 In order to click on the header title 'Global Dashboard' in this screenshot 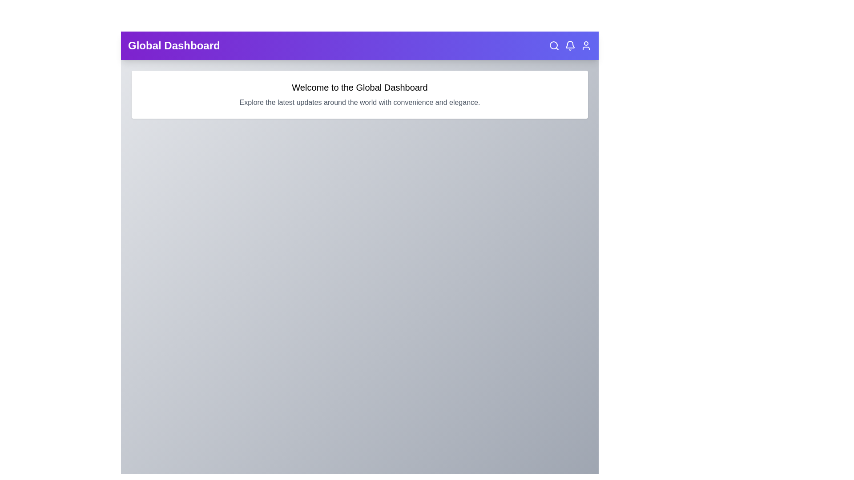, I will do `click(173, 46)`.